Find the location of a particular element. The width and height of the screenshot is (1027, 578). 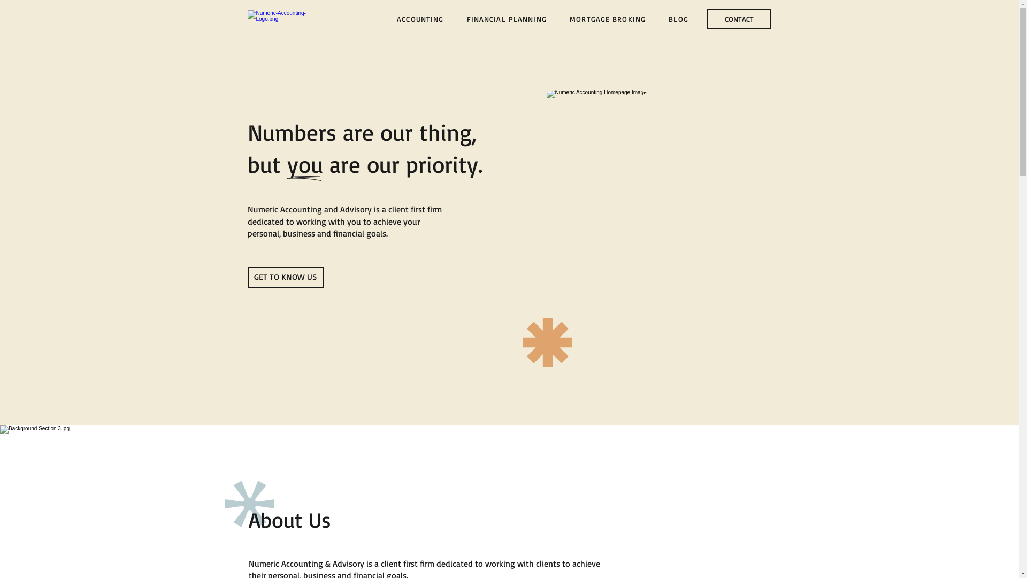

'ACCOUNTING' is located at coordinates (419, 19).